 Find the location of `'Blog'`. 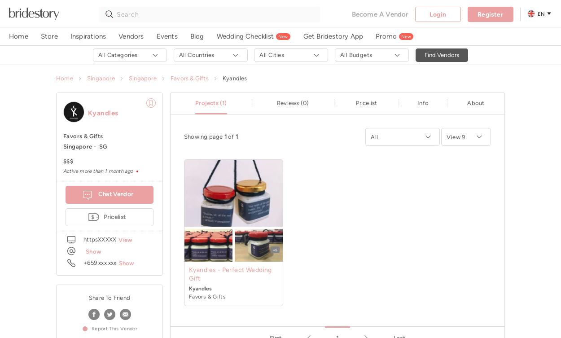

'Blog' is located at coordinates (197, 36).